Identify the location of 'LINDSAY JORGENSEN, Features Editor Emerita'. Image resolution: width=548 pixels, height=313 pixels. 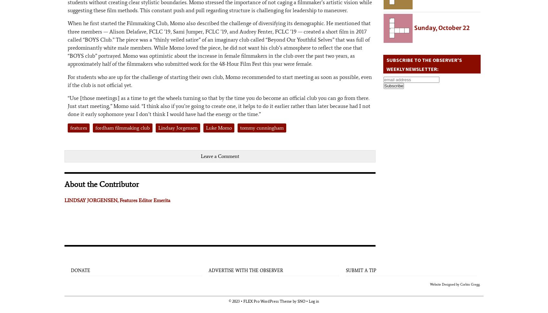
(117, 200).